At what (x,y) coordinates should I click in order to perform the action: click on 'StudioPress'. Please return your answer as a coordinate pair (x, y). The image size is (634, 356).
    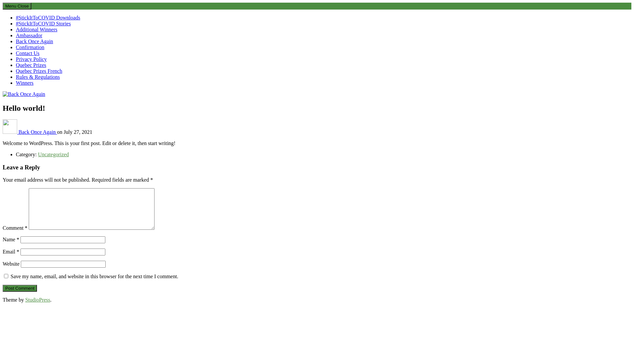
    Looking at the image, I should click on (37, 300).